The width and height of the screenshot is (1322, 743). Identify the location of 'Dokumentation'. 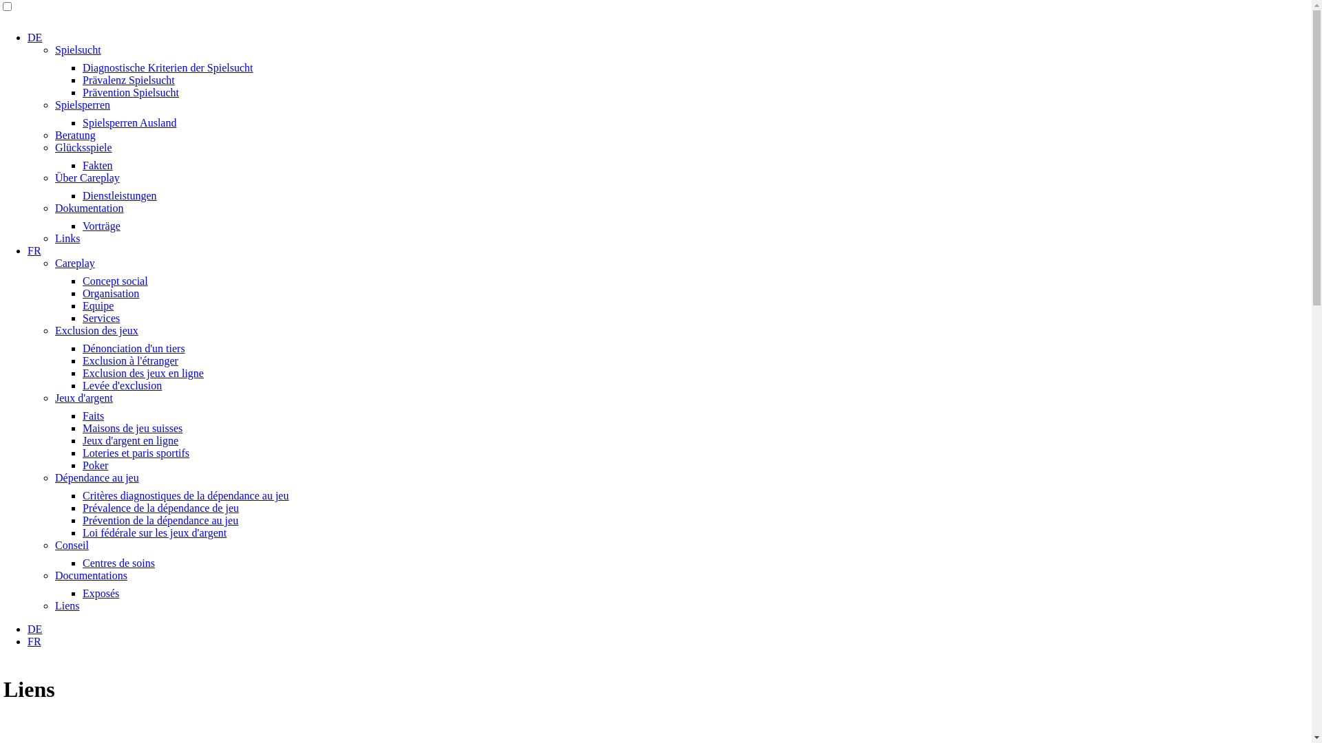
(88, 208).